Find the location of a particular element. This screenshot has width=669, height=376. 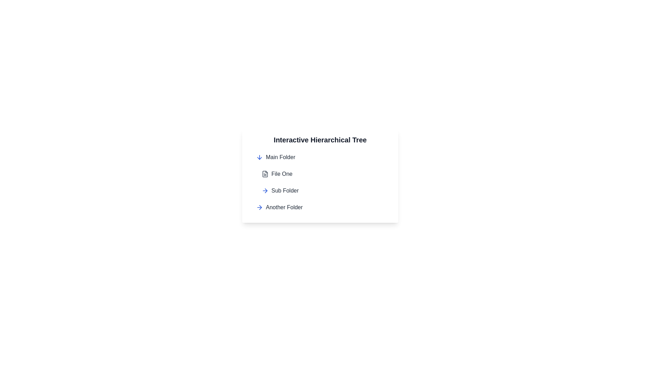

the Heading Text which serves as the title for the hierarchical display of items below it, providing context to the user is located at coordinates (320, 140).